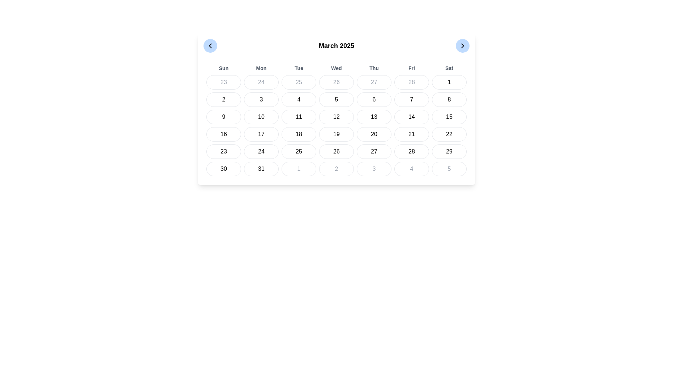 The height and width of the screenshot is (390, 694). I want to click on the button representing the 3rd day of the month, so click(261, 100).